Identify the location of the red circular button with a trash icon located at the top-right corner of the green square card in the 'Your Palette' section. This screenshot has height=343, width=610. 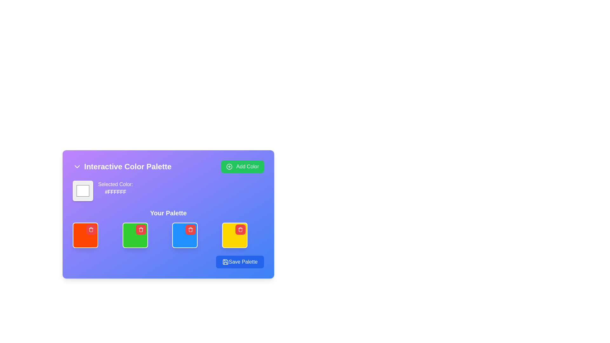
(140, 229).